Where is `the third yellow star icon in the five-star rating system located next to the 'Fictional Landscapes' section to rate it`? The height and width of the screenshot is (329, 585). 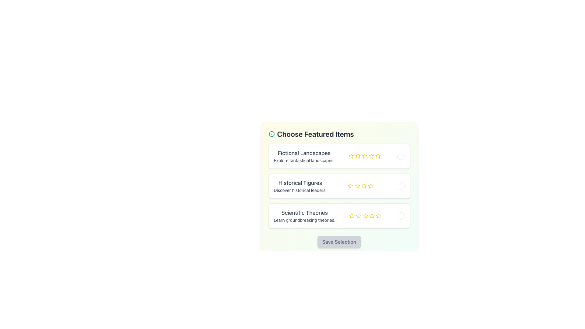 the third yellow star icon in the five-star rating system located next to the 'Fictional Landscapes' section to rate it is located at coordinates (371, 156).